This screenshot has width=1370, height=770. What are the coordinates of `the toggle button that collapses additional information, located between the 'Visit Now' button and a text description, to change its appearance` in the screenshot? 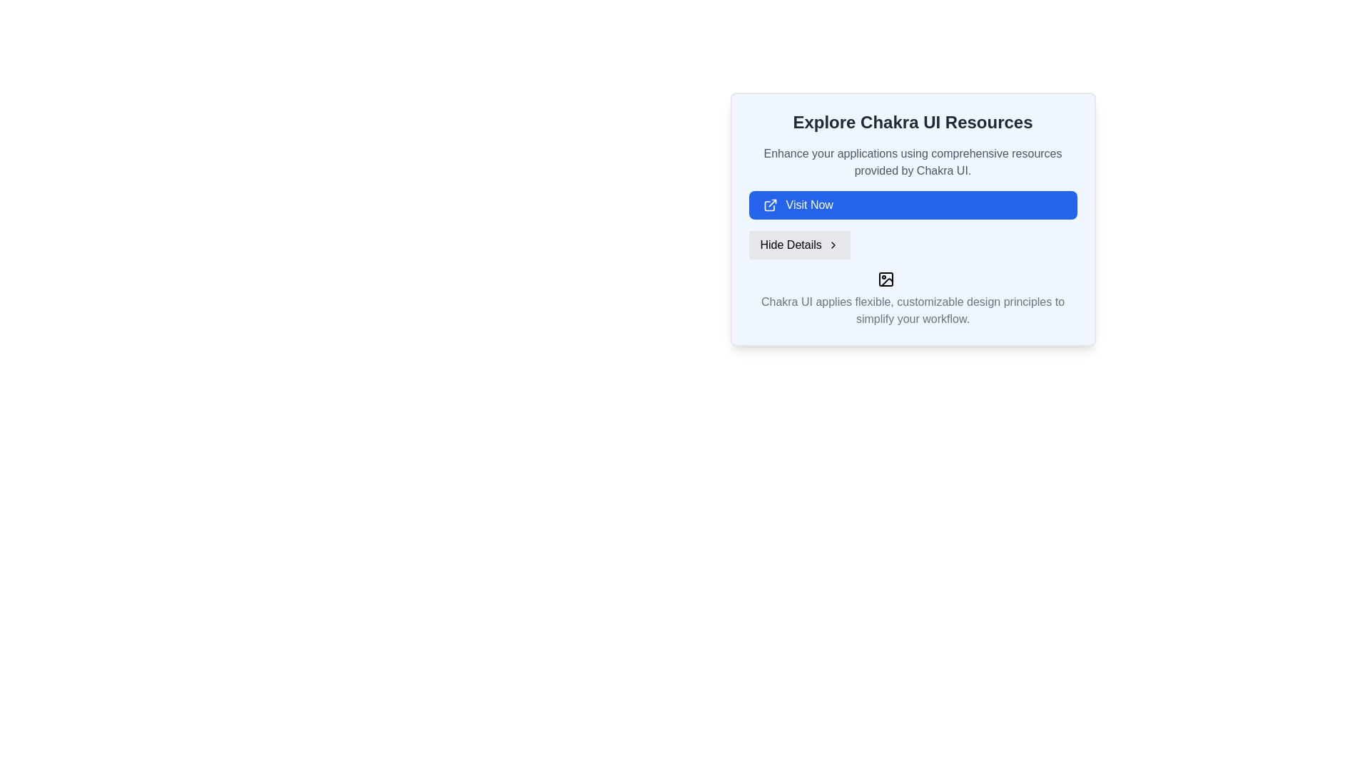 It's located at (799, 244).